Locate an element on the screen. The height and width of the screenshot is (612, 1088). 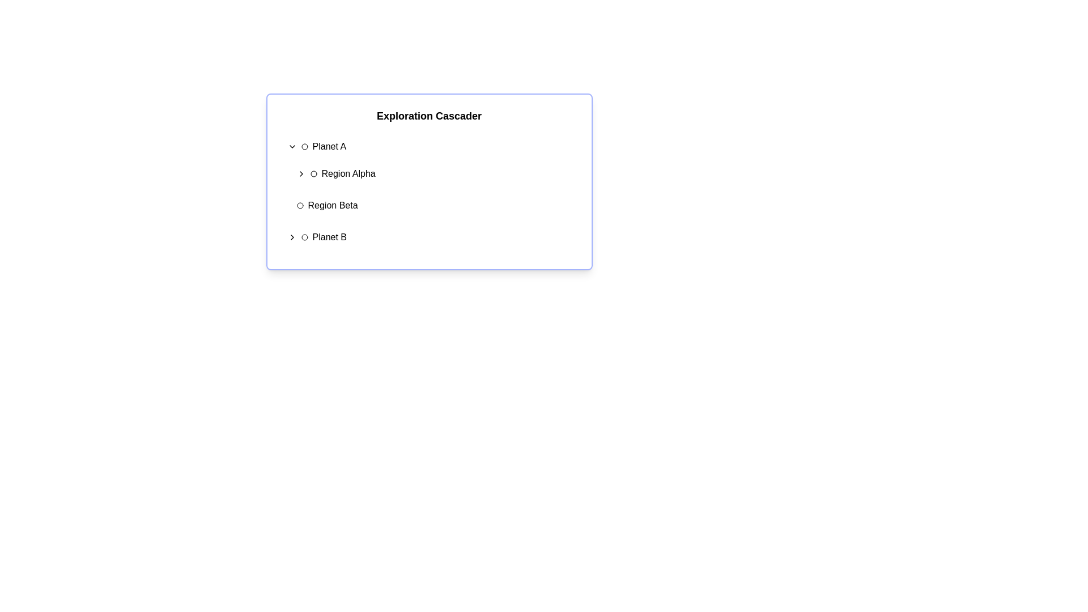
the selectable menu item 'Region Alpha', which is the second option in the menu structure is located at coordinates (433, 174).